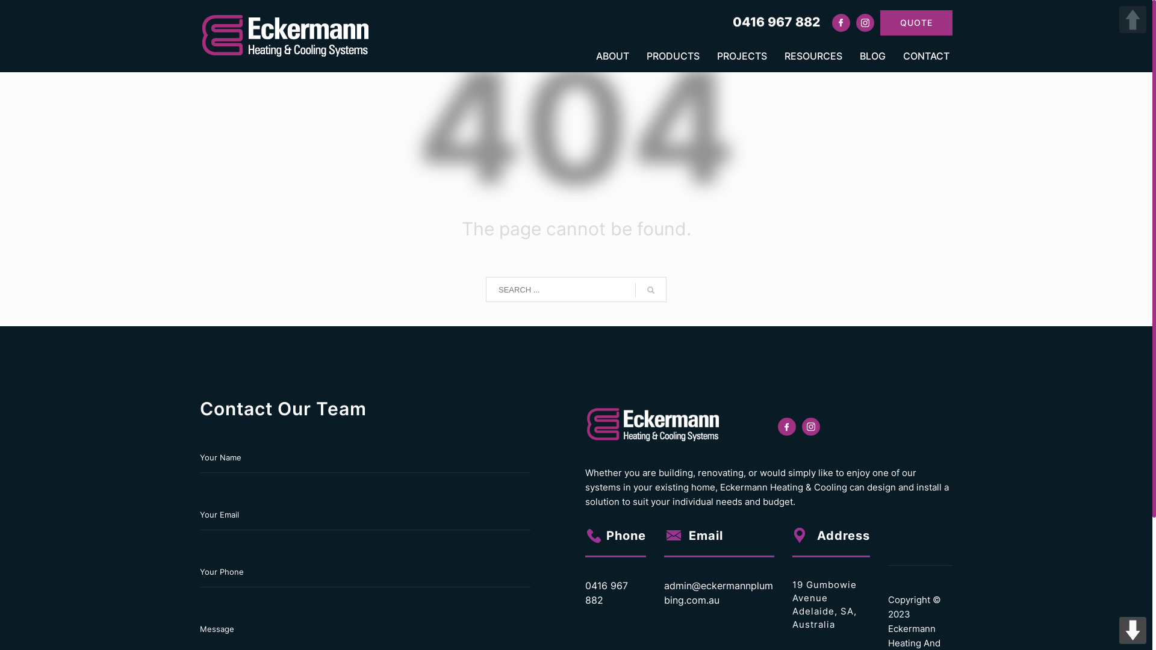 The width and height of the screenshot is (1156, 650). I want to click on 'RESOURCES', so click(813, 55).